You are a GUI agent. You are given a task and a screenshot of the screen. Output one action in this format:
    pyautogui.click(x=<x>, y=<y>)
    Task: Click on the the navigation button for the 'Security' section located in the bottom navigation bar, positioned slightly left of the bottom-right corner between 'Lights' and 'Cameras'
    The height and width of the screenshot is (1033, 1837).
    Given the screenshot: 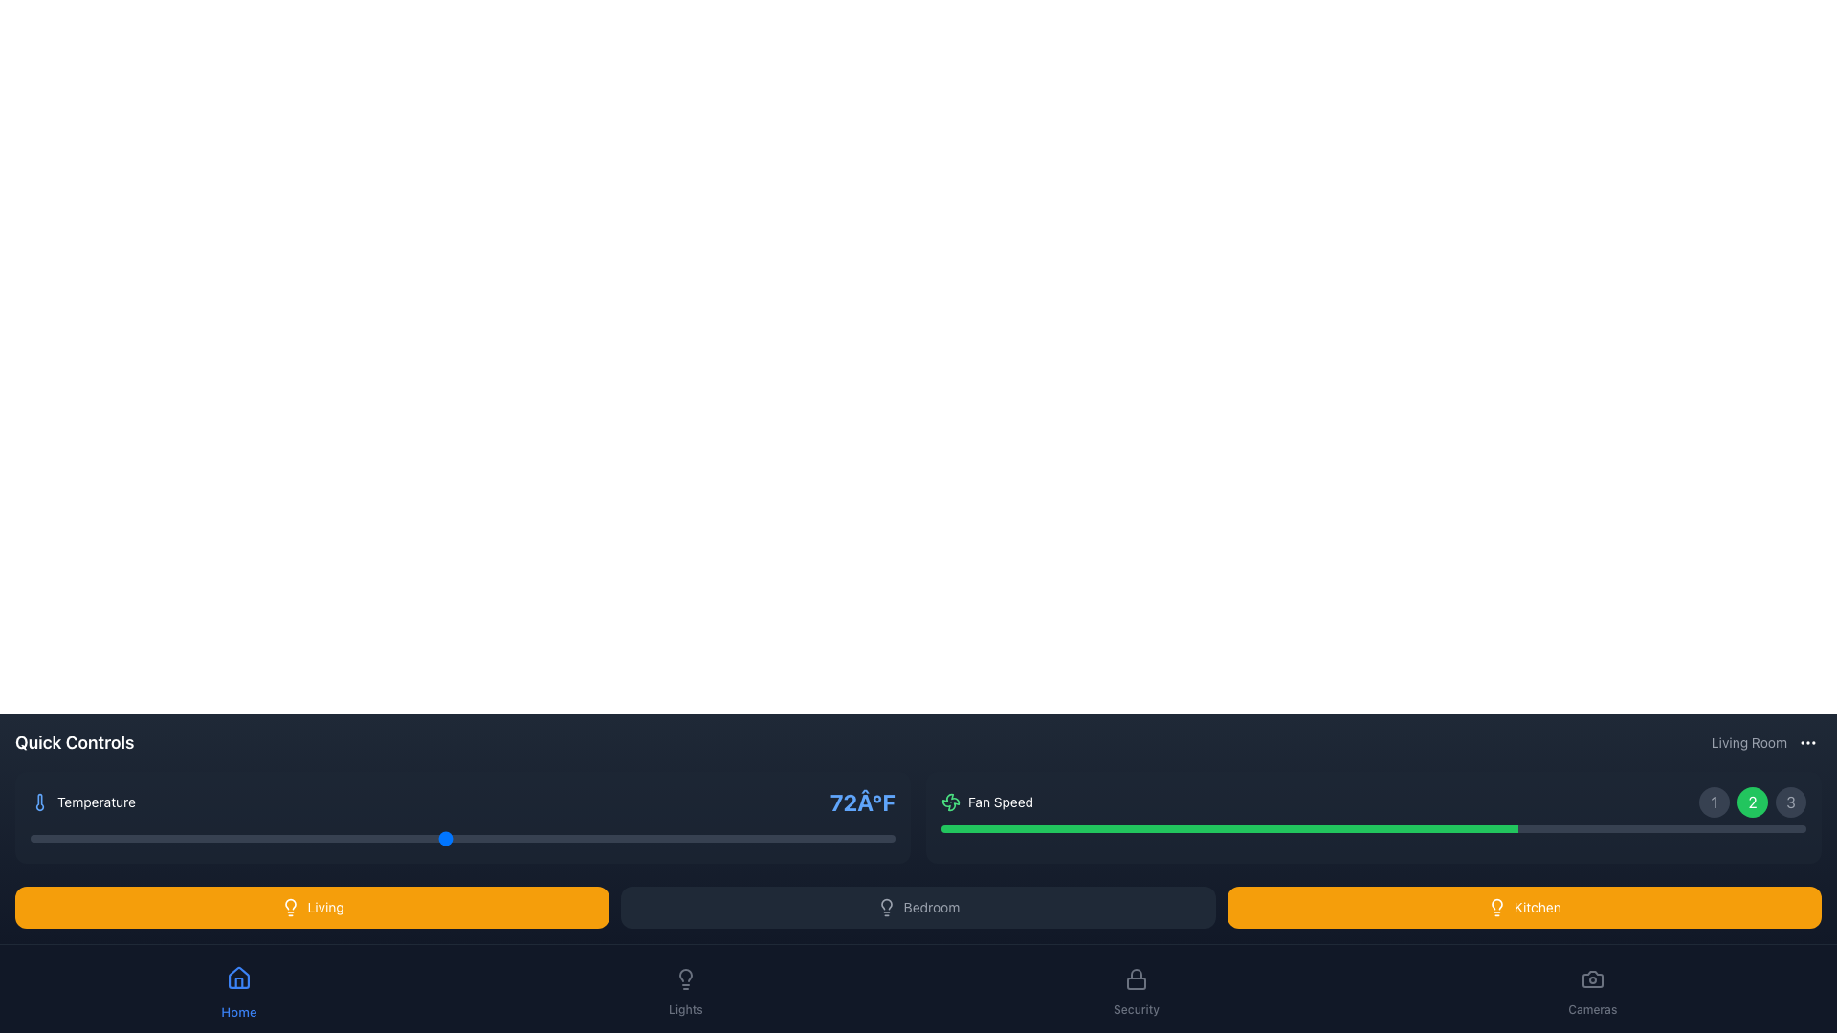 What is the action you would take?
    pyautogui.click(x=1137, y=988)
    